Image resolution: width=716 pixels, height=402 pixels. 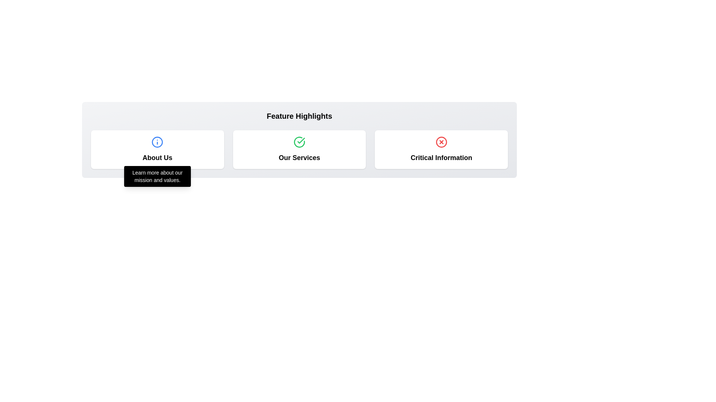 What do you see at coordinates (441, 142) in the screenshot?
I see `the red circular warning icon with an 'X' symbol, located above the text 'Critical Information' and adjacent to a green check icon` at bounding box center [441, 142].